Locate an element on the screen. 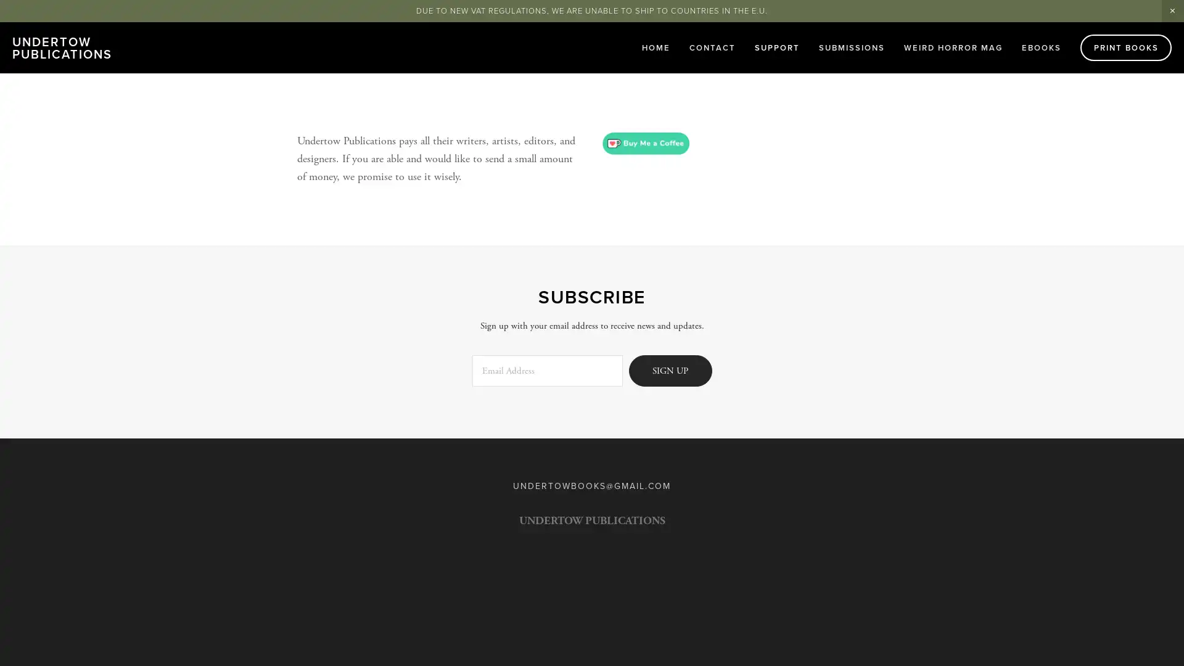 The image size is (1184, 666). SIGN UP is located at coordinates (669, 369).